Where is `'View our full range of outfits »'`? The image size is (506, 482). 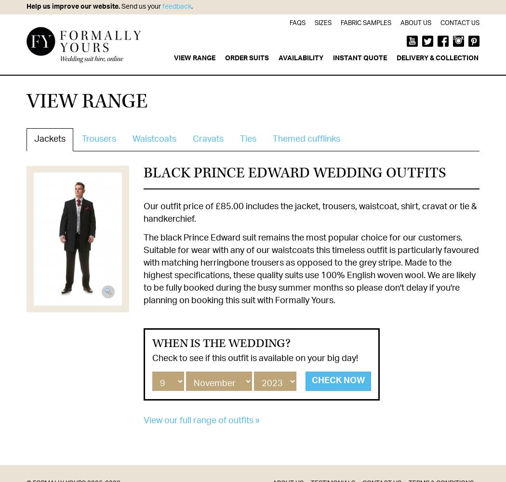 'View our full range of outfits »' is located at coordinates (143, 420).